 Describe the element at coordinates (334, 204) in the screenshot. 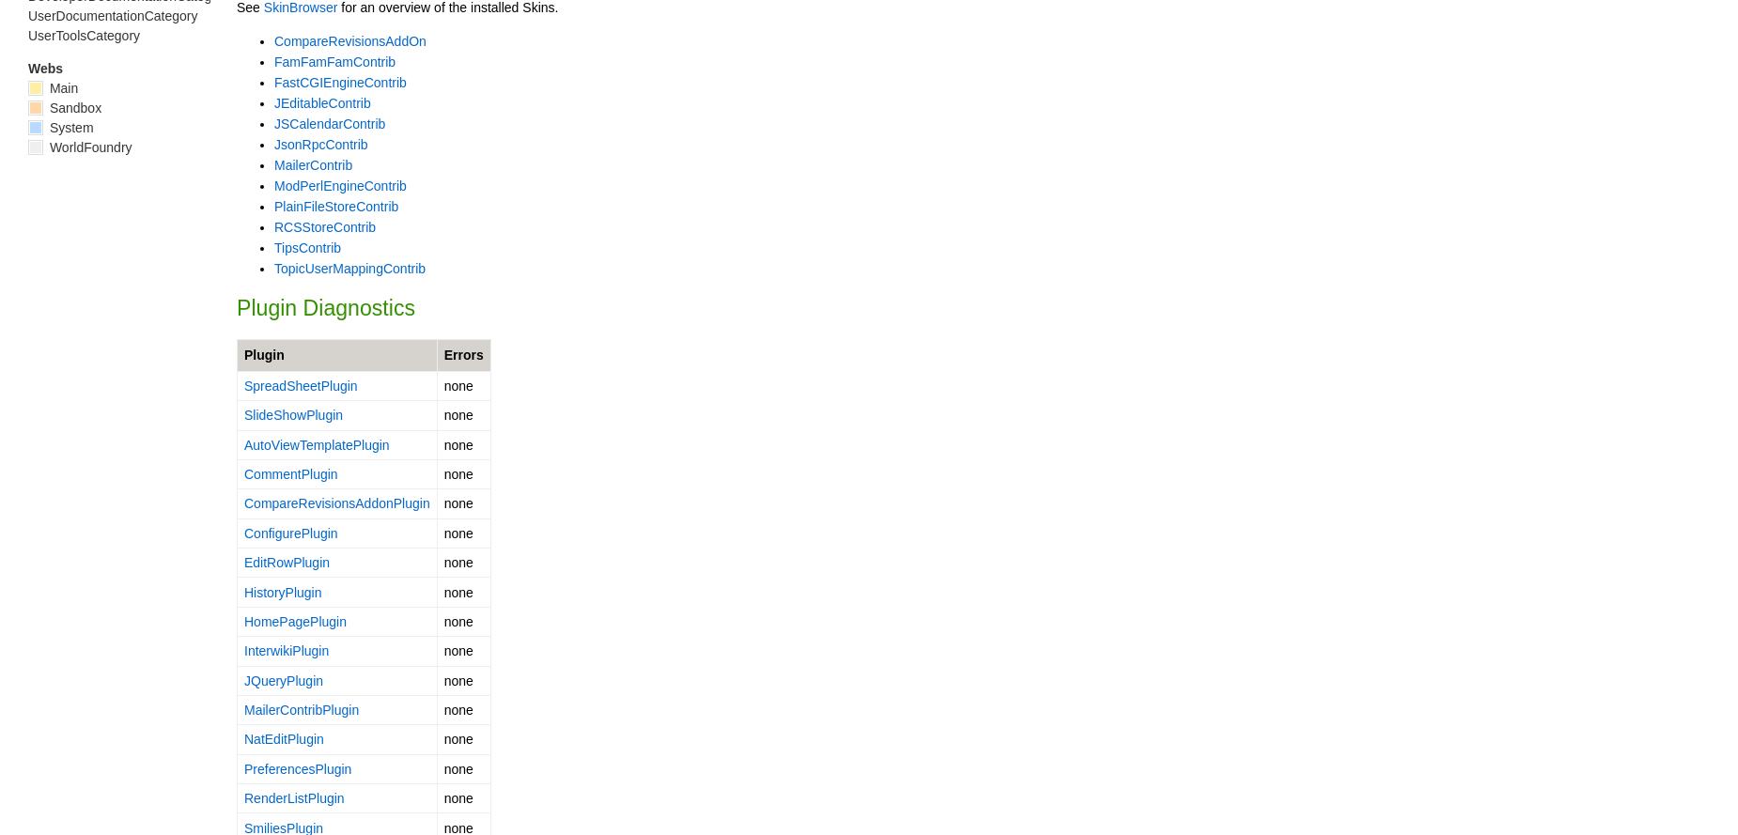

I see `'PlainFileStoreContrib'` at that location.